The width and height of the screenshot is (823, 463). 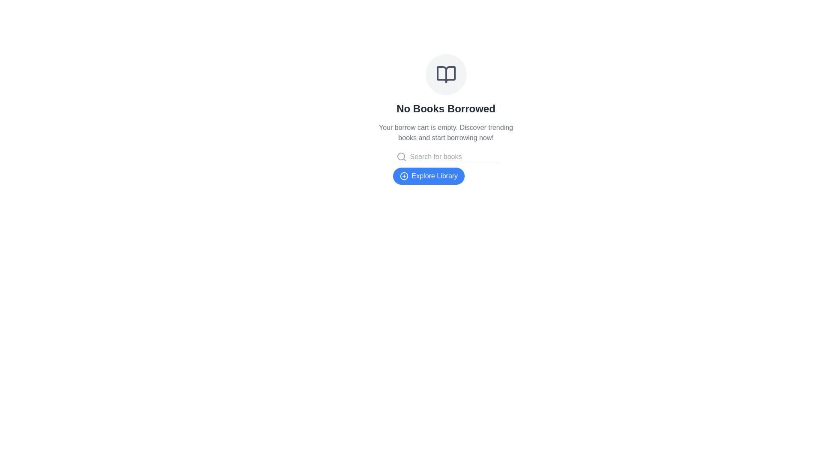 I want to click on the open book SVG icon, which is centrally located above the text 'No Books Borrowed', distinguished by its gray stroke-only illustration style on a light gray circular background, so click(x=446, y=74).